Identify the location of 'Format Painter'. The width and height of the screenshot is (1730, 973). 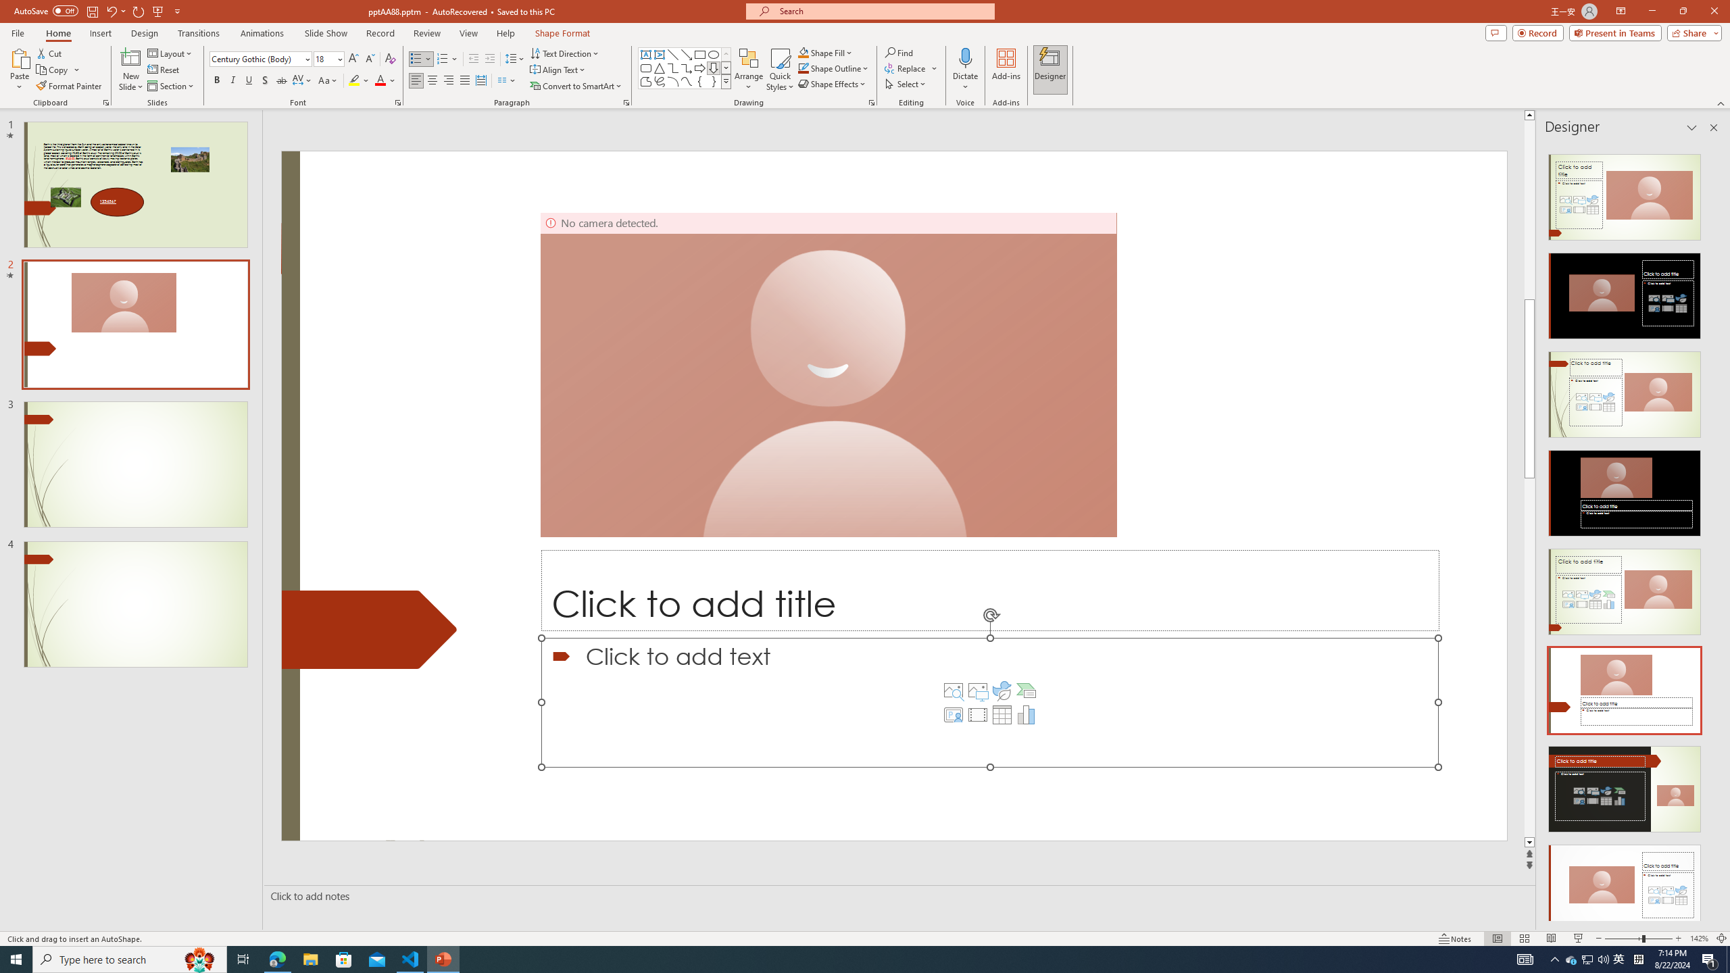
(69, 86).